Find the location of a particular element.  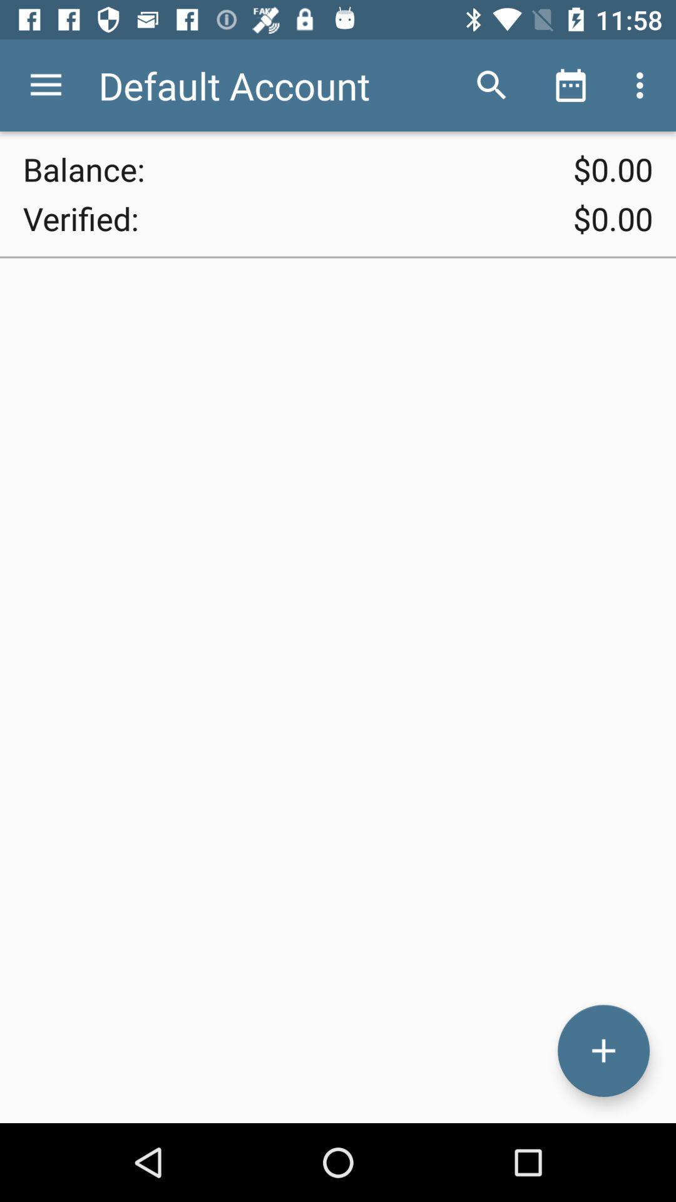

icon at the bottom right corner is located at coordinates (603, 1050).